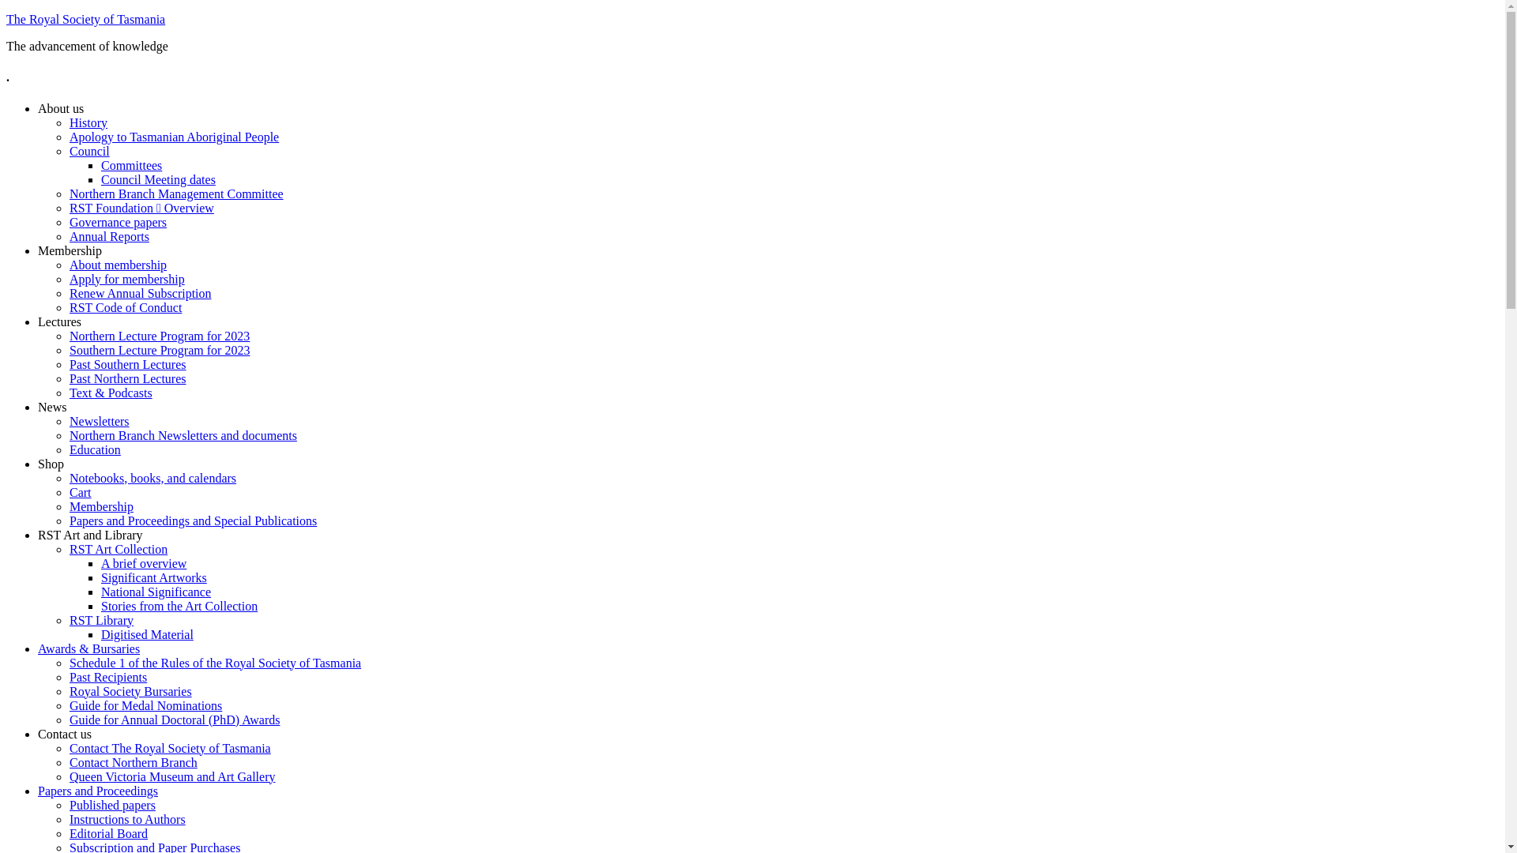 This screenshot has height=853, width=1517. Describe the element at coordinates (52, 406) in the screenshot. I see `'News'` at that location.